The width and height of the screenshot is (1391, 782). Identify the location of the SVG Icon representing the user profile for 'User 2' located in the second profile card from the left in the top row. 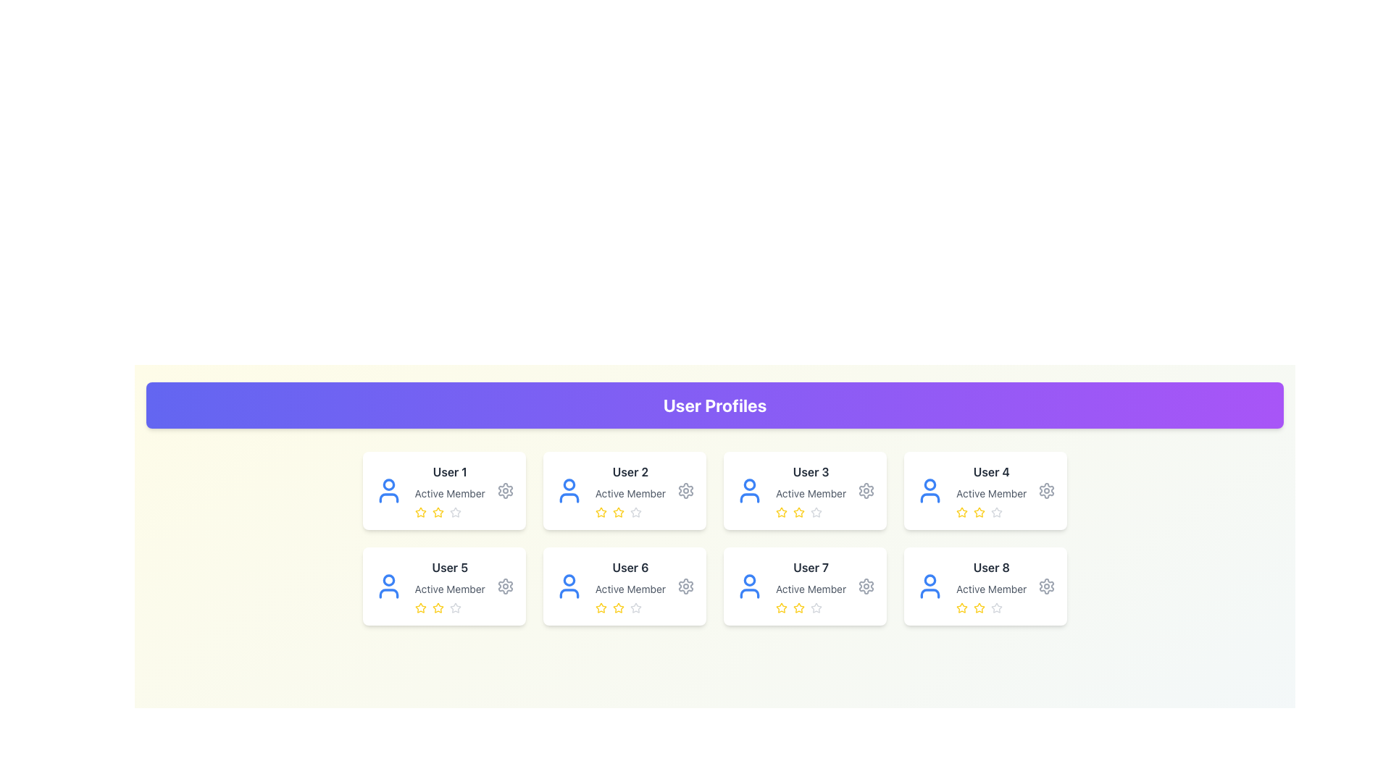
(568, 490).